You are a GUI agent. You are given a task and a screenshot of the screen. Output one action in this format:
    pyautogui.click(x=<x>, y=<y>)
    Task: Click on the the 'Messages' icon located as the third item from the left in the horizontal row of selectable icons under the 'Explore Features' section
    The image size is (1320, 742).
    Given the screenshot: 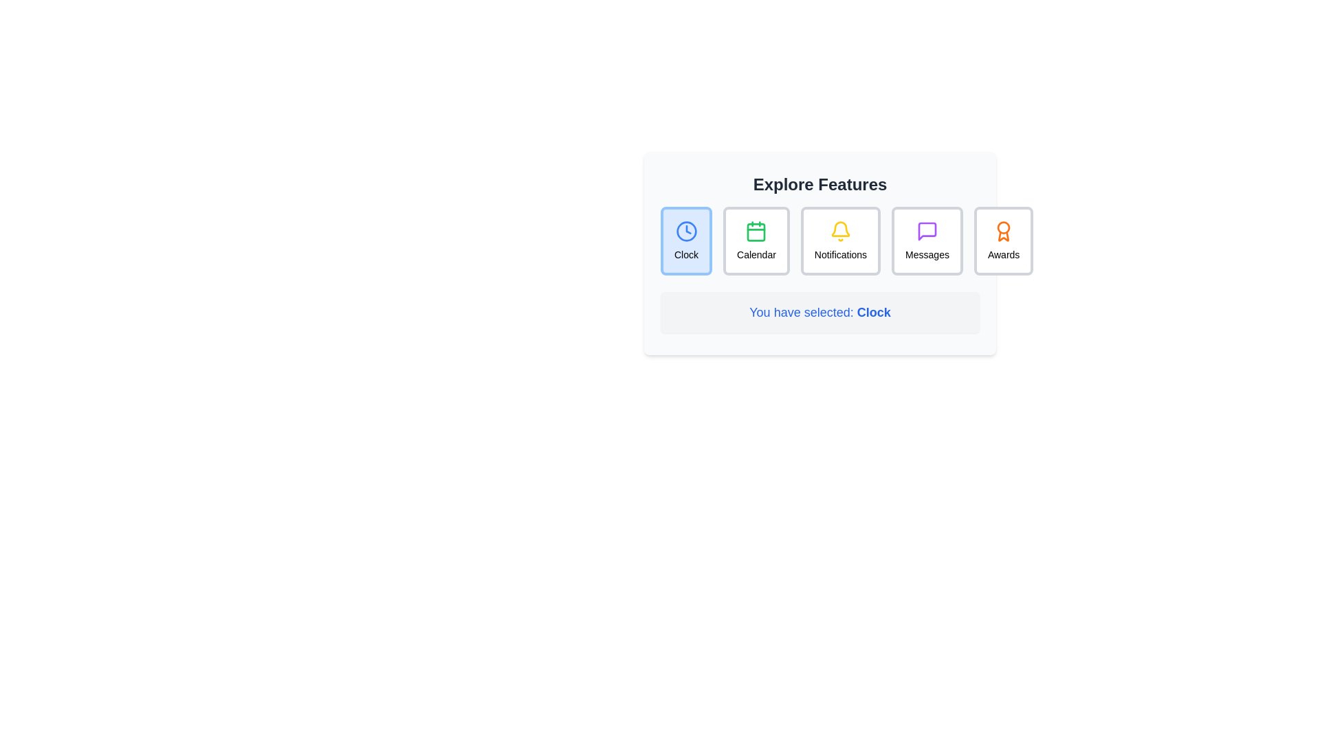 What is the action you would take?
    pyautogui.click(x=927, y=230)
    